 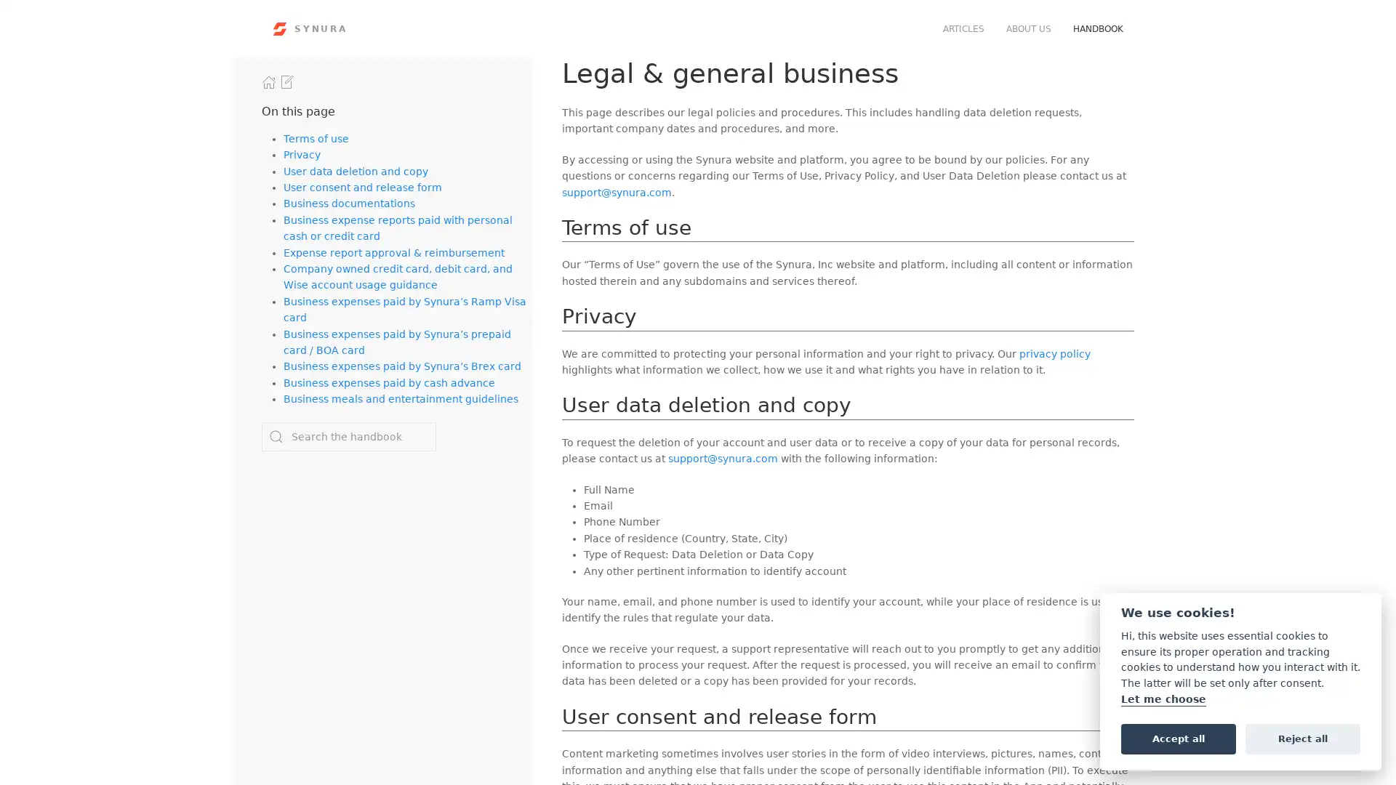 I want to click on Reject all, so click(x=1302, y=738).